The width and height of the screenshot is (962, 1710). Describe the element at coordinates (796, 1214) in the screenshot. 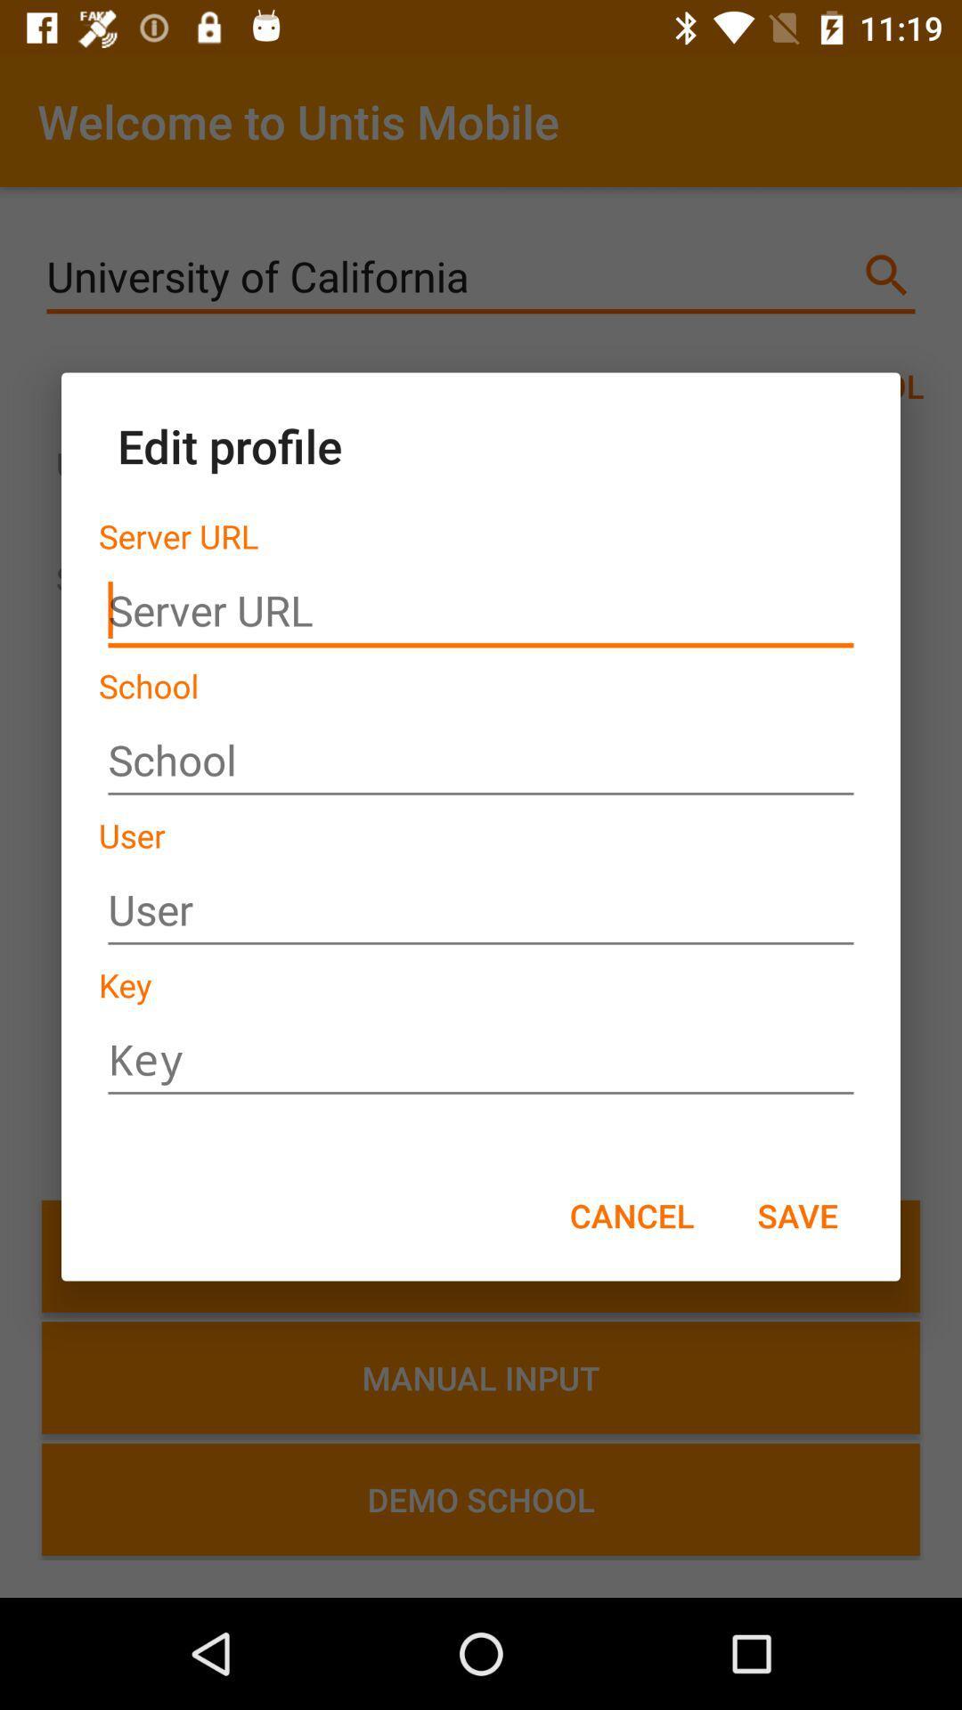

I see `the icon at the bottom right corner` at that location.